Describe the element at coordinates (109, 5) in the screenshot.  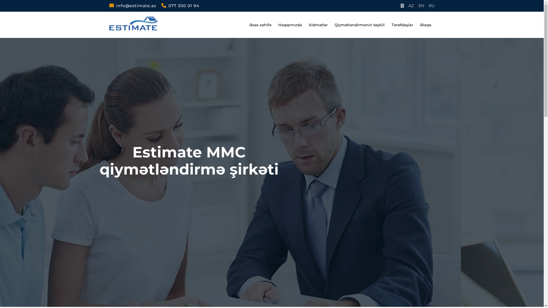
I see `'info@estimate.az'` at that location.